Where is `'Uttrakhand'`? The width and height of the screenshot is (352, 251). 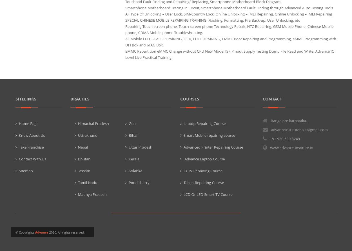 'Uttrakhand' is located at coordinates (88, 135).